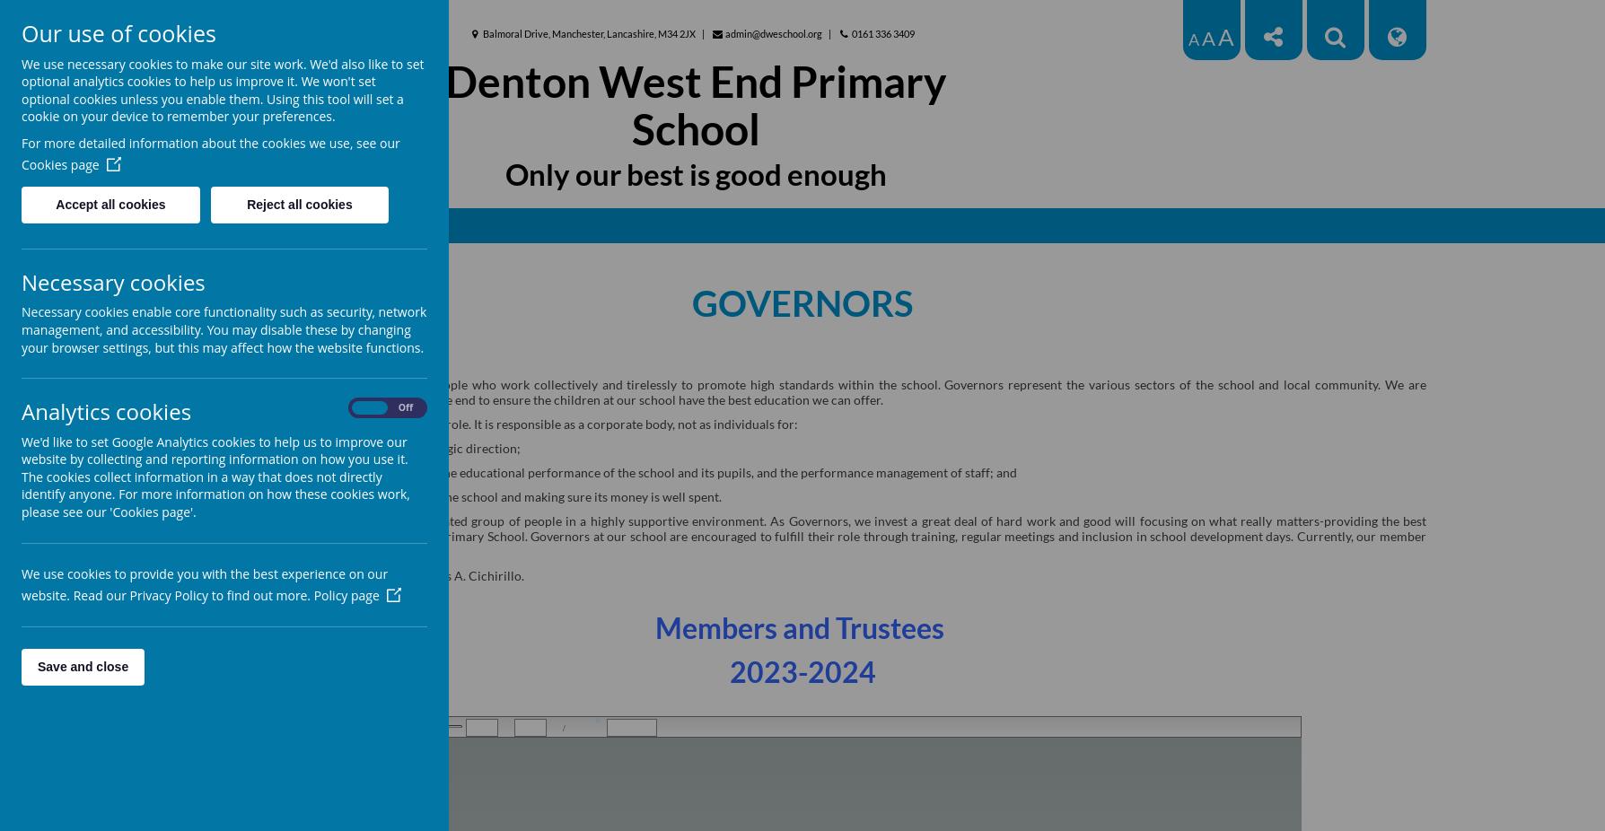  Describe the element at coordinates (802, 527) in the screenshot. I see `'the best education for every child at Denton West End Primary School. Governors at our school are encouraged to fulfill their role through training, regular'` at that location.